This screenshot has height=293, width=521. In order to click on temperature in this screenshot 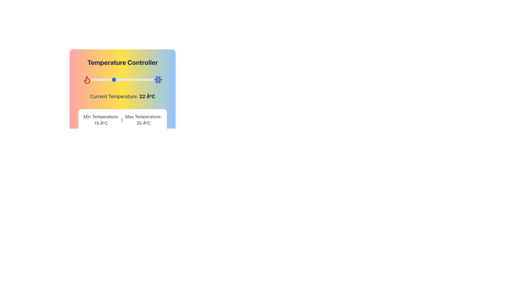, I will do `click(104, 79)`.